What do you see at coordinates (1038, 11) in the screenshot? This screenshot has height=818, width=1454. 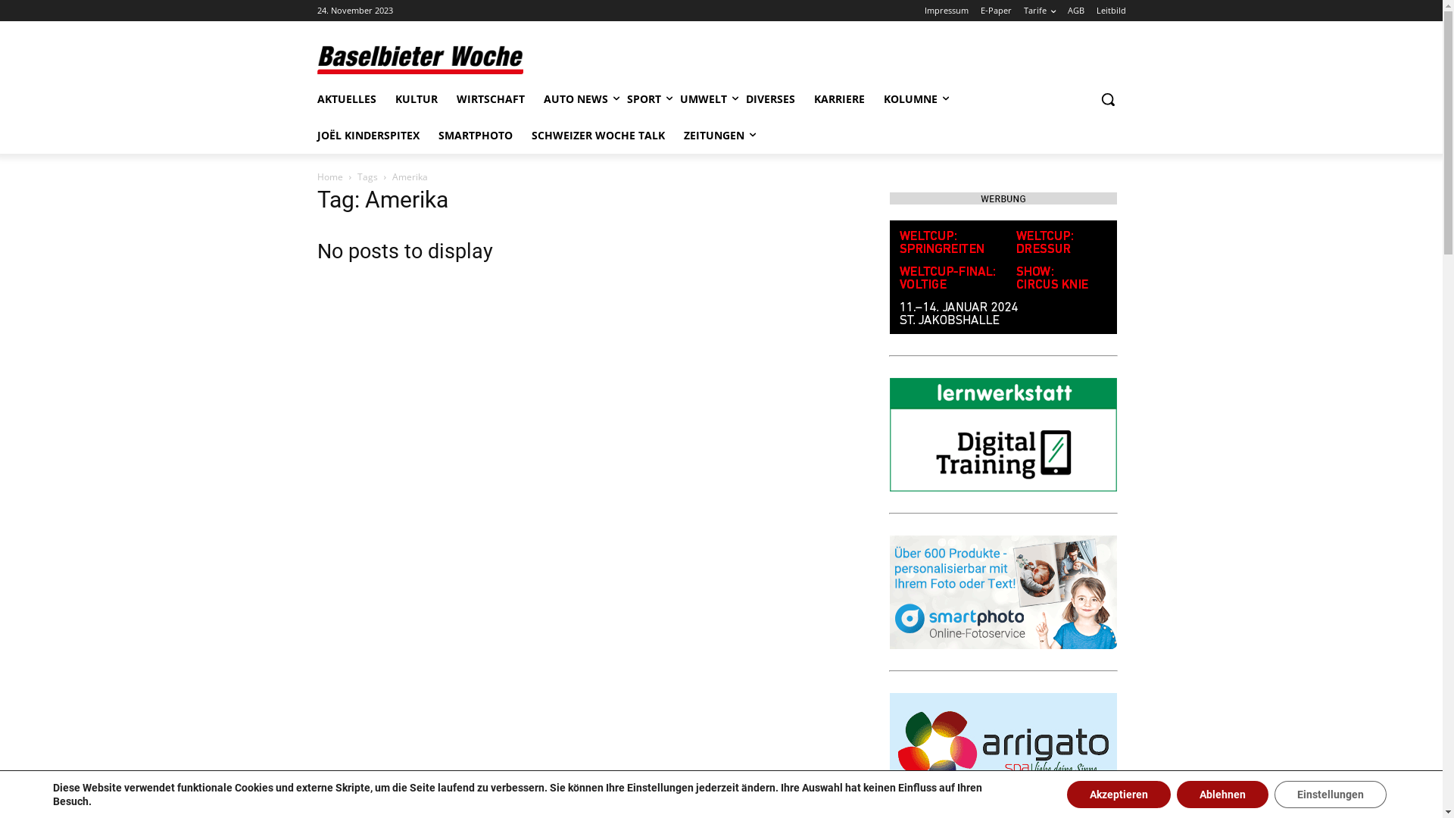 I see `'Tarife'` at bounding box center [1038, 11].